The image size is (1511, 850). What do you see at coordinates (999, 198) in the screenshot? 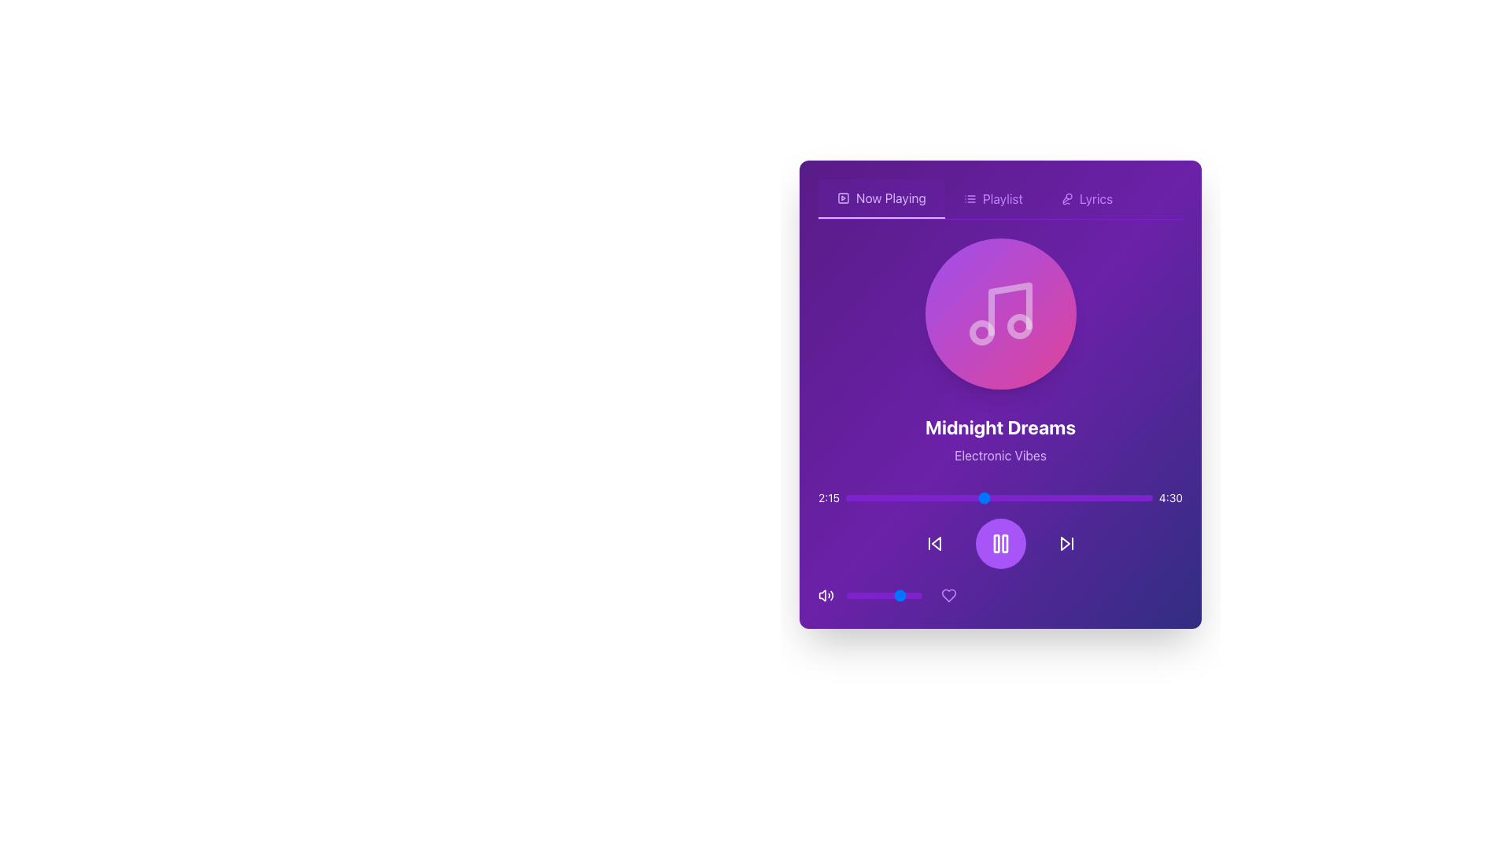
I see `the 'Playlist' button located in the horizontal navigation header of the music player` at bounding box center [999, 198].